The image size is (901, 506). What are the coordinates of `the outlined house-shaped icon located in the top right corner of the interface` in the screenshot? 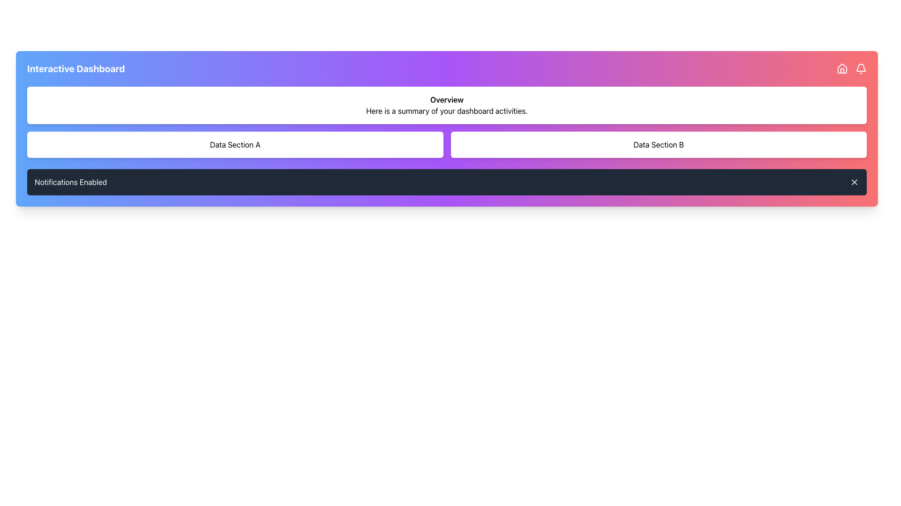 It's located at (842, 68).